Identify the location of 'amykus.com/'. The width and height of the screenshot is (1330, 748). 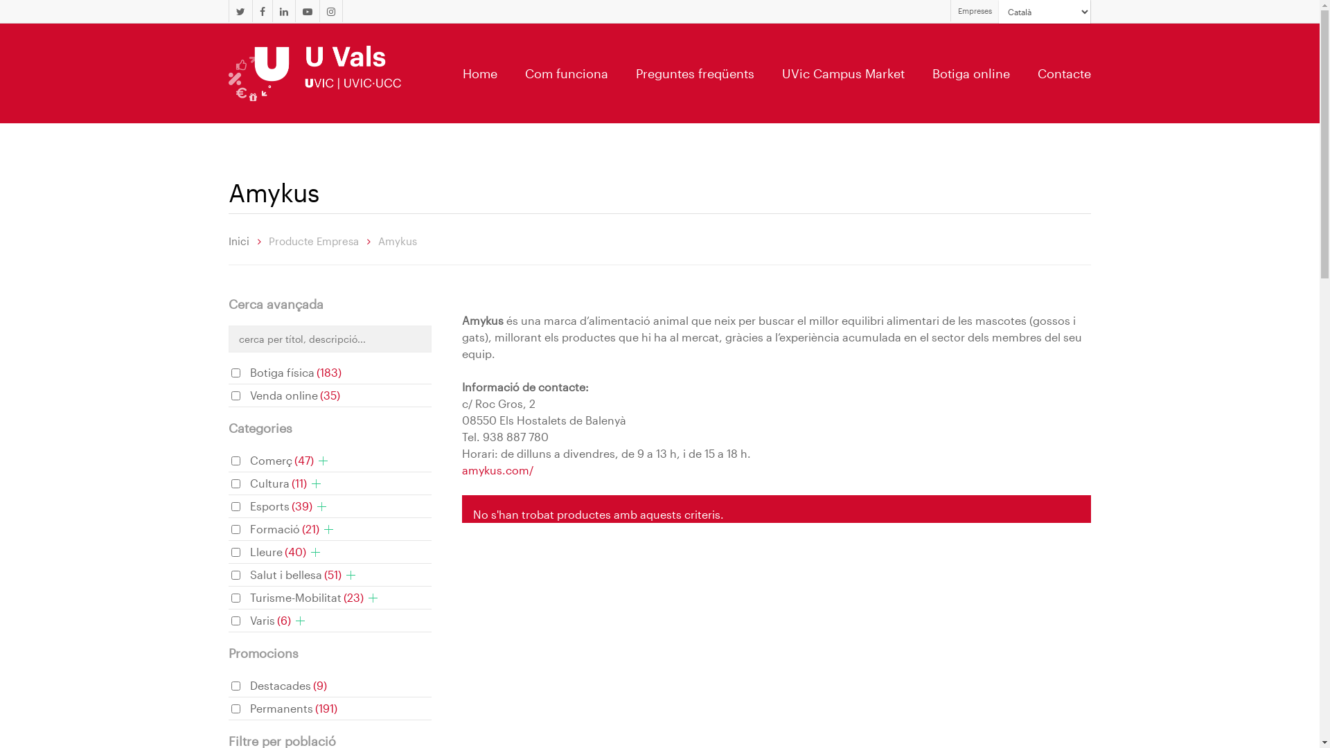
(497, 469).